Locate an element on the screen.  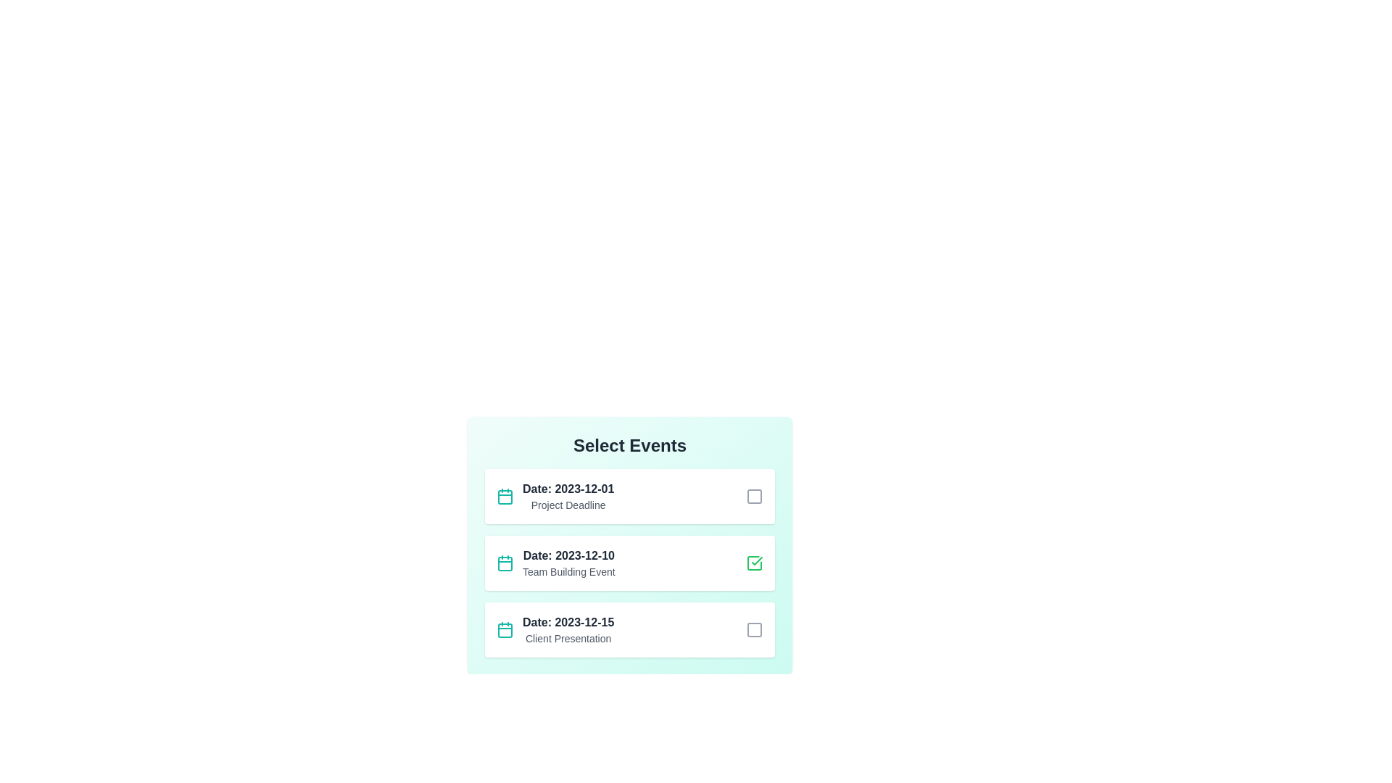
the event item corresponding to 1 is located at coordinates (629, 496).